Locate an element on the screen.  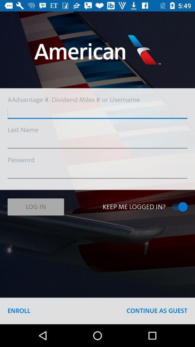
the icon below the last name is located at coordinates (97, 142).